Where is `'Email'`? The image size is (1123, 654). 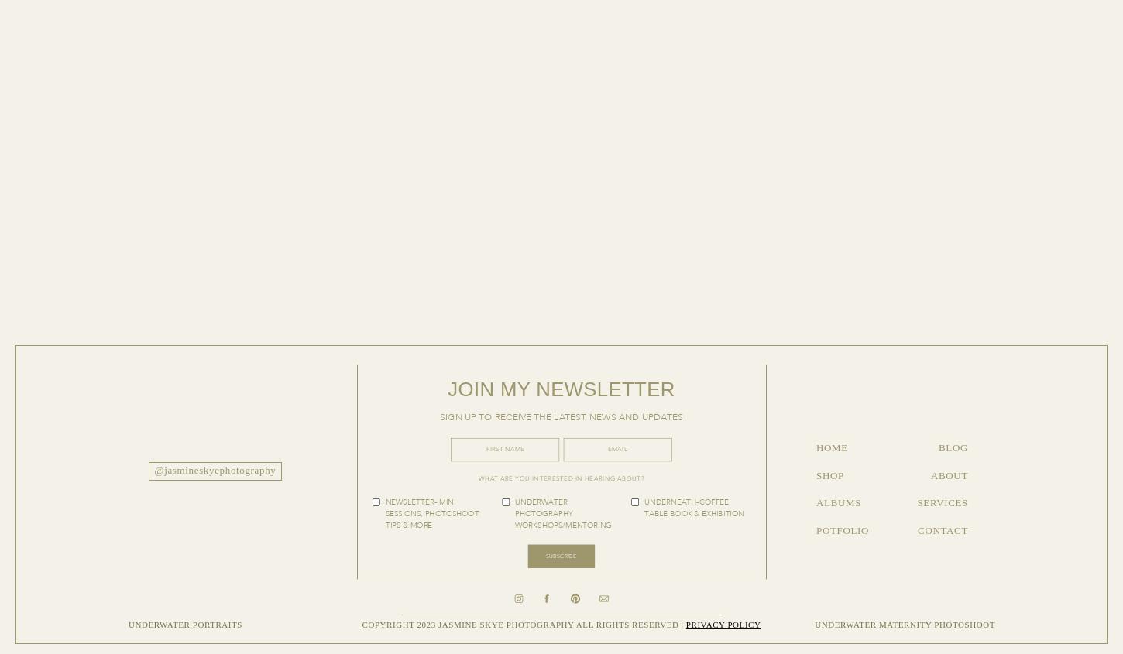 'Email' is located at coordinates (608, 448).